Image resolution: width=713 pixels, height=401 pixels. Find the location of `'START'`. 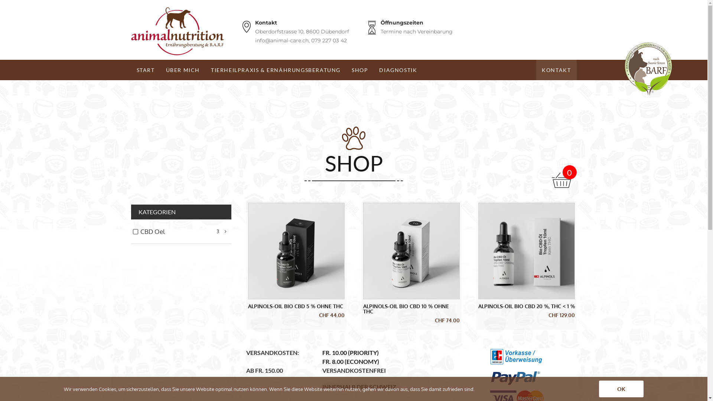

'START' is located at coordinates (130, 70).